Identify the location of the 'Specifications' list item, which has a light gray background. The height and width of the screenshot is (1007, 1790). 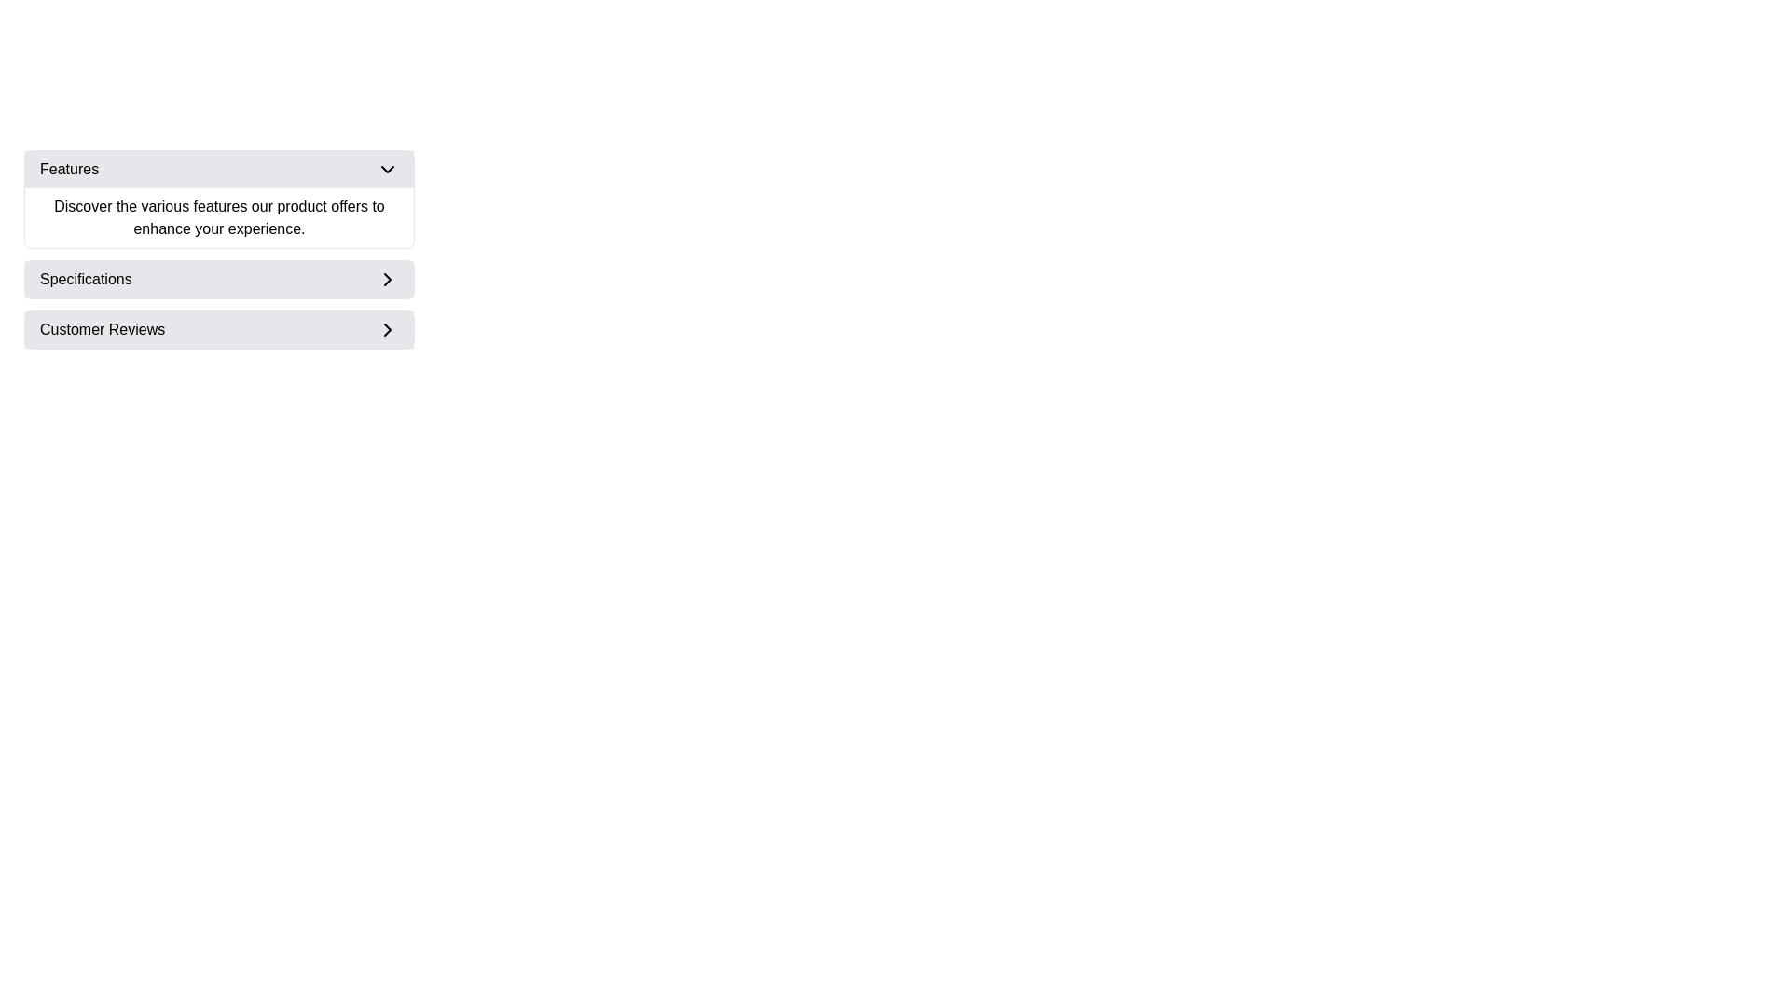
(219, 280).